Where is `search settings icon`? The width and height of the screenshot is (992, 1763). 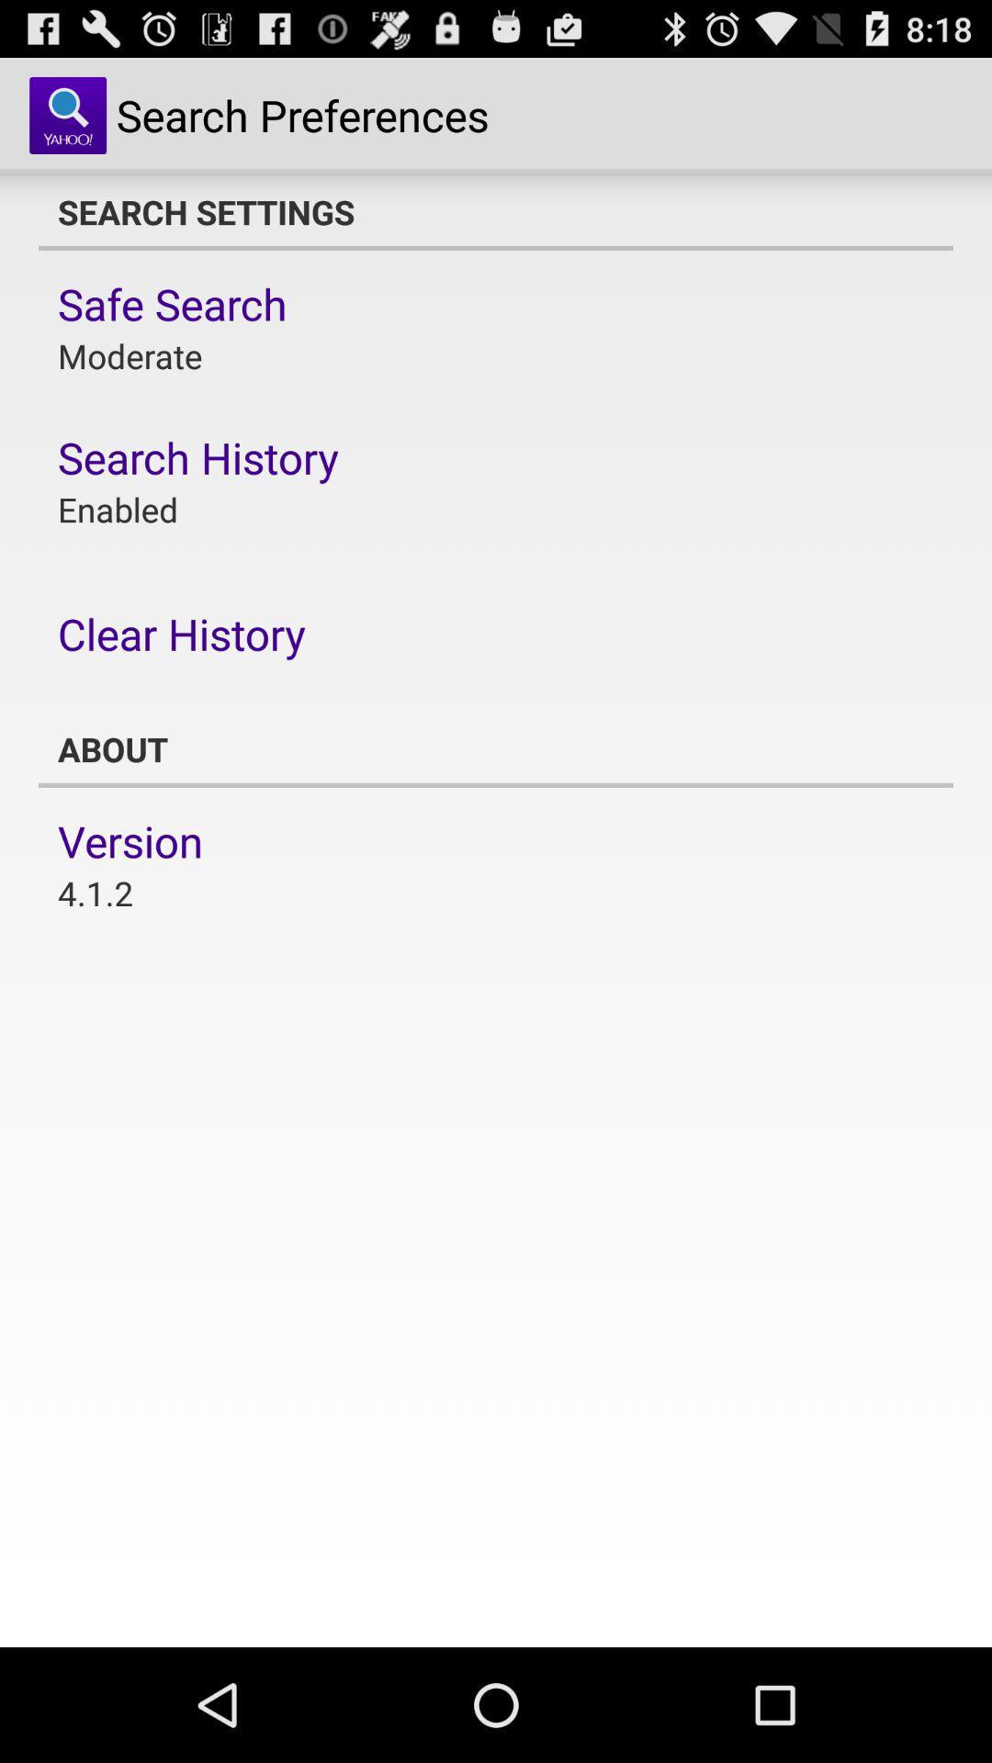
search settings icon is located at coordinates (496, 211).